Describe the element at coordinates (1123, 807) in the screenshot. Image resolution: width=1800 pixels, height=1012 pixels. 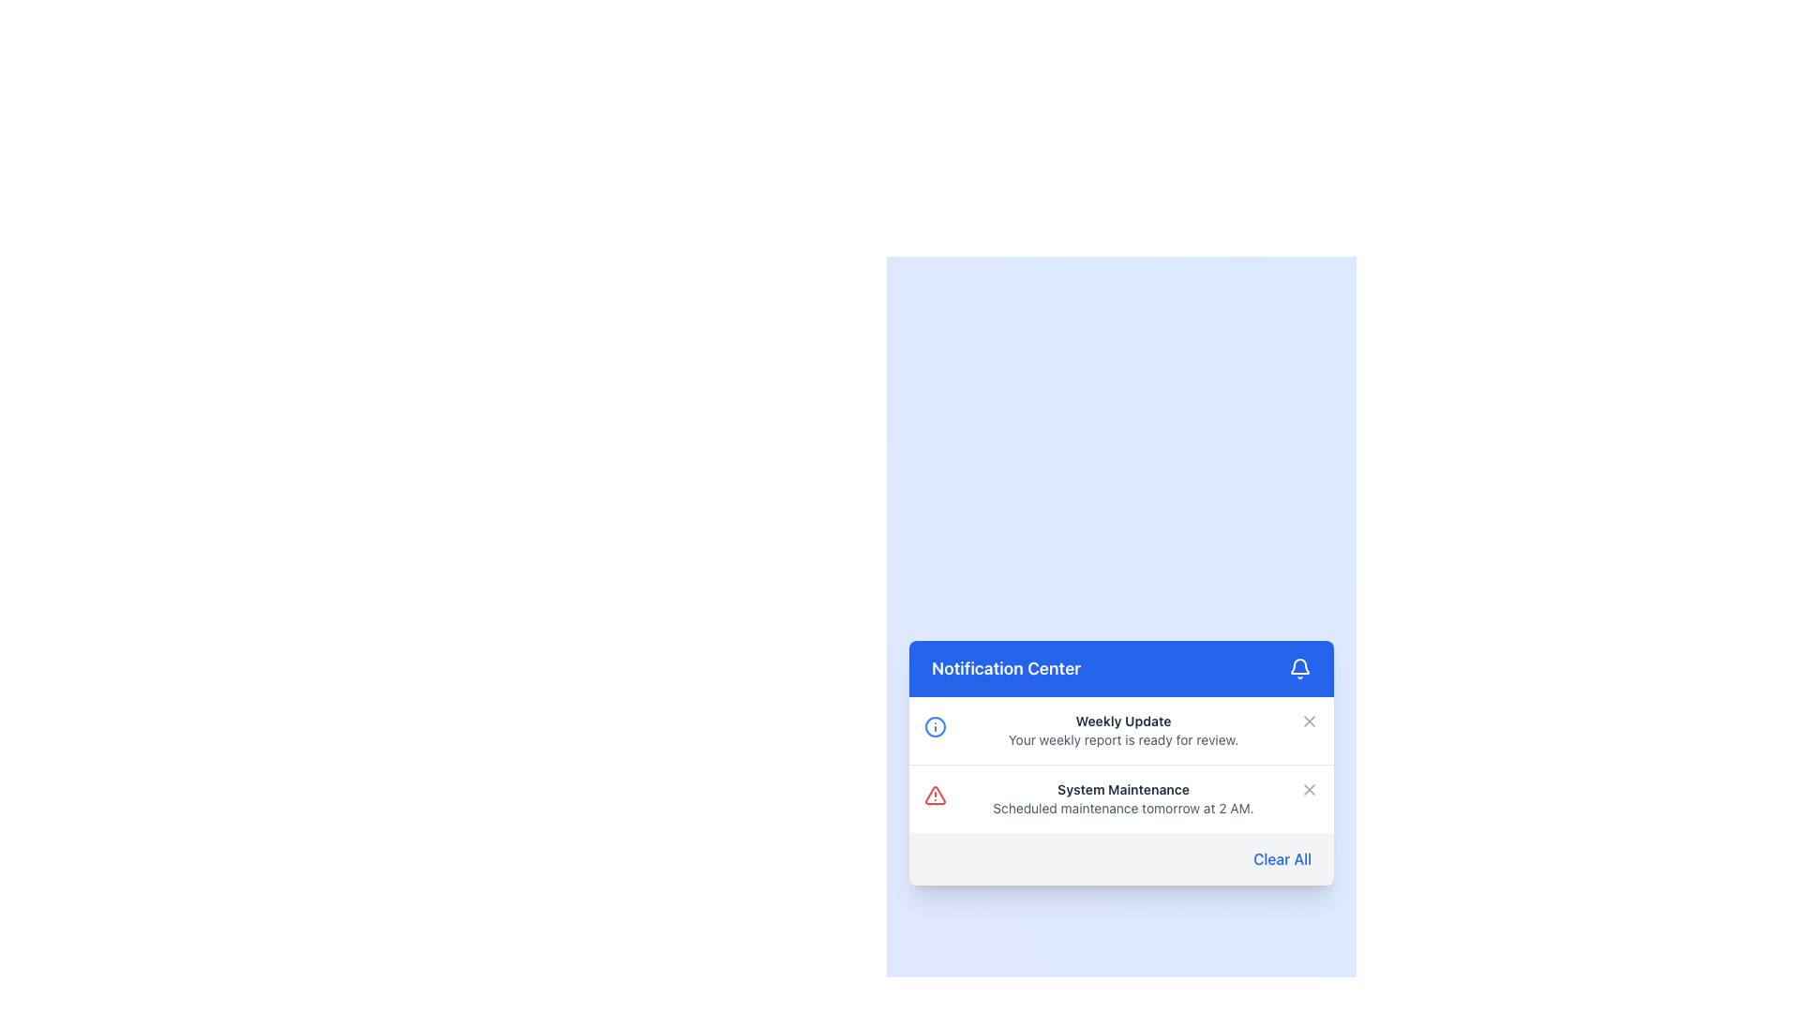
I see `the text block displaying 'Scheduled maintenance tomorrow at 2 AM.' which is located below the heading 'System Maintenance' in the Notification Center` at that location.